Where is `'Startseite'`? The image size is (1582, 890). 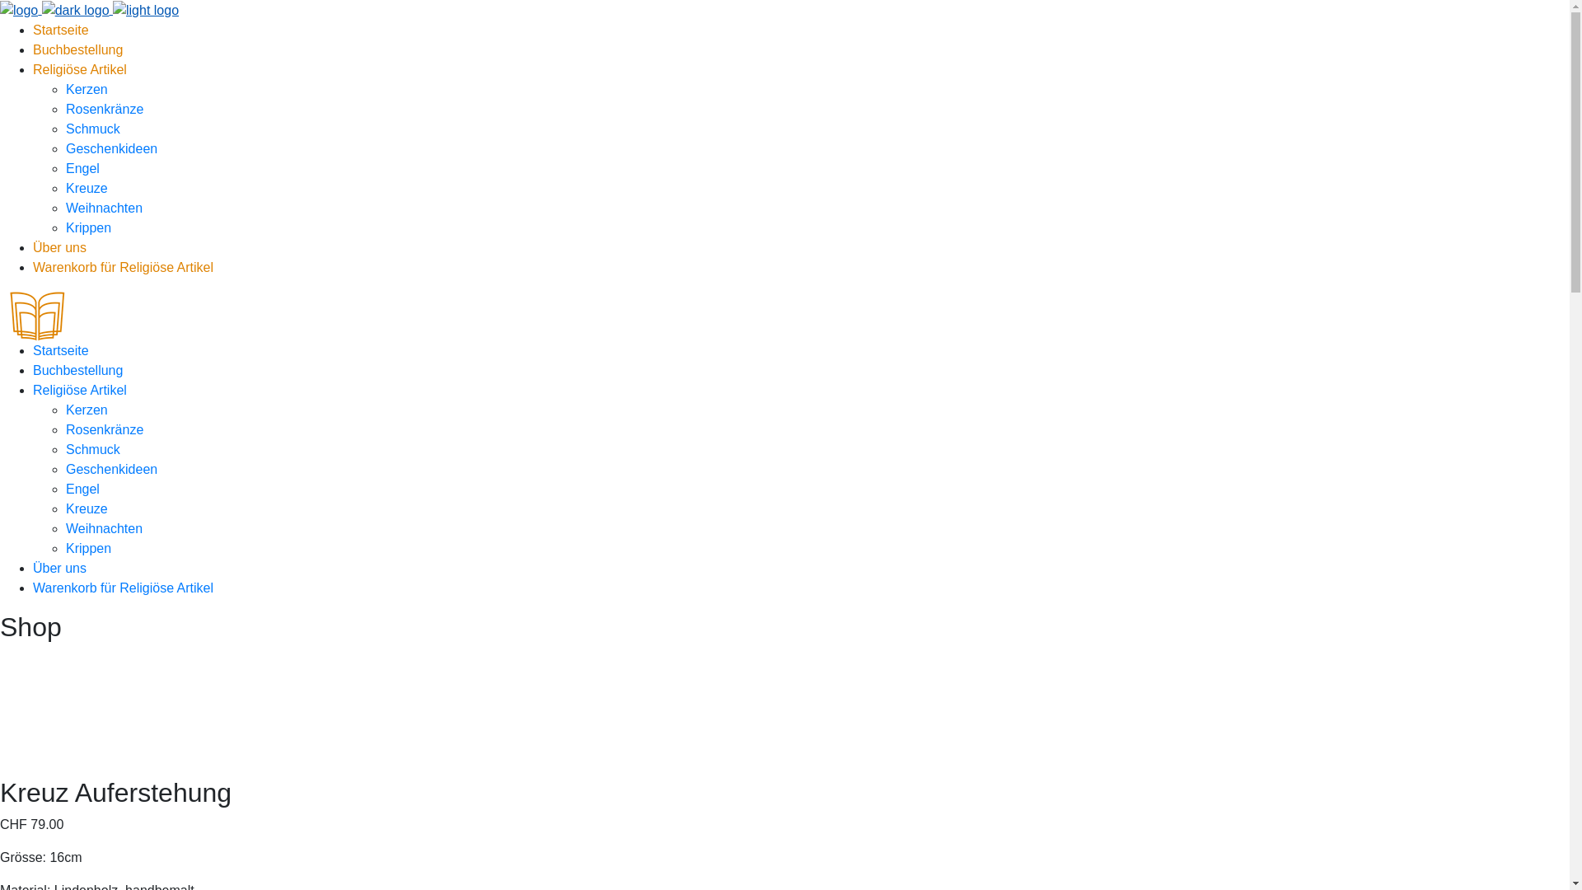
'Startseite' is located at coordinates (60, 349).